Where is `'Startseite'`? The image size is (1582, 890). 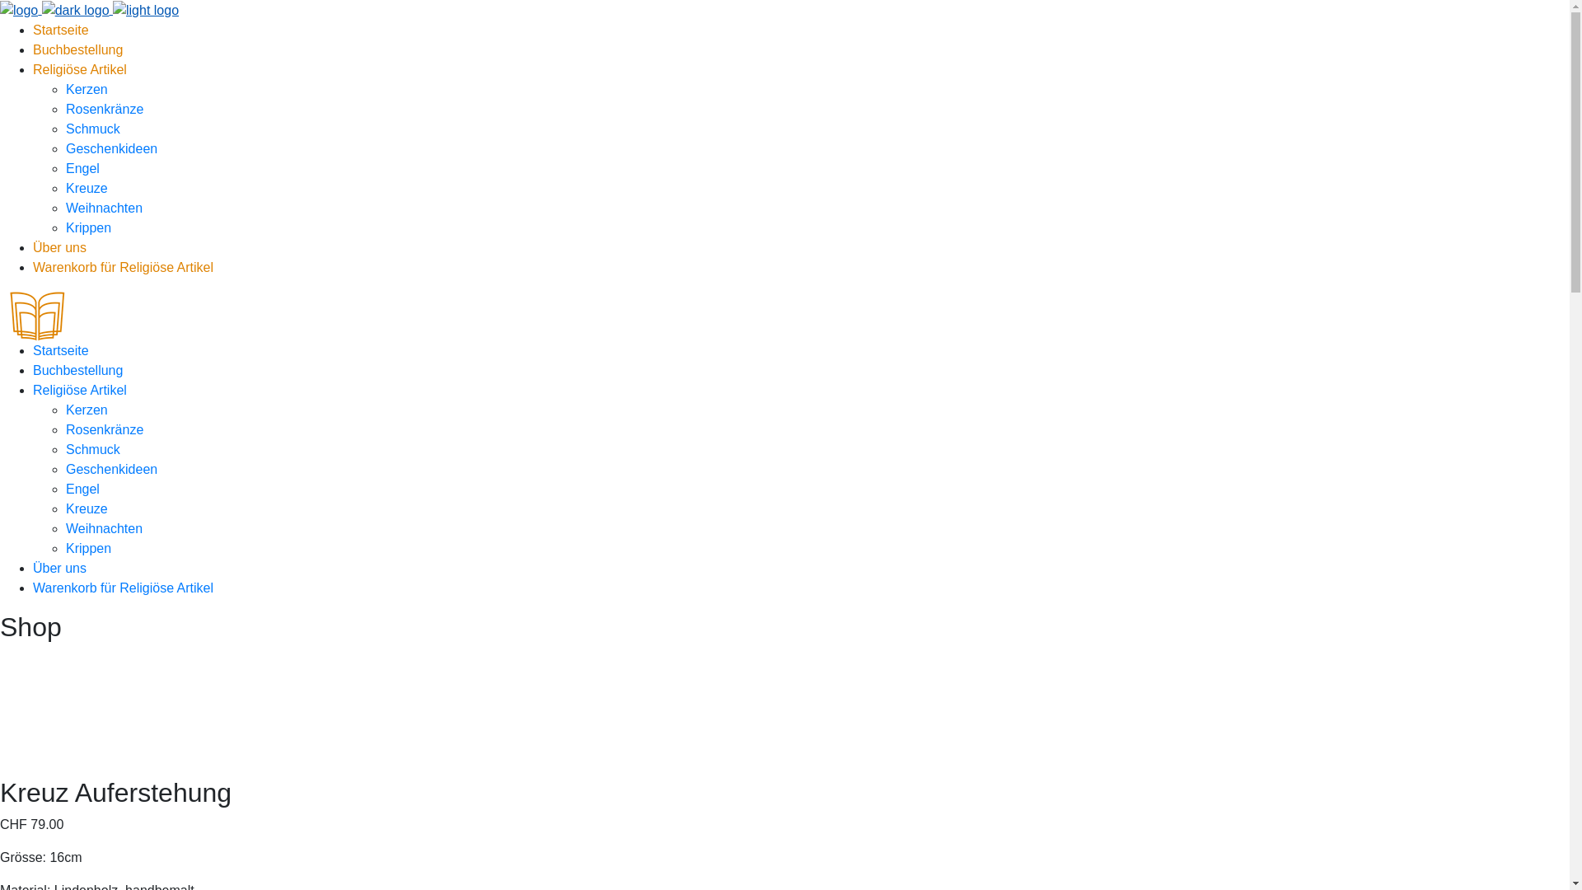
'Startseite' is located at coordinates (60, 349).